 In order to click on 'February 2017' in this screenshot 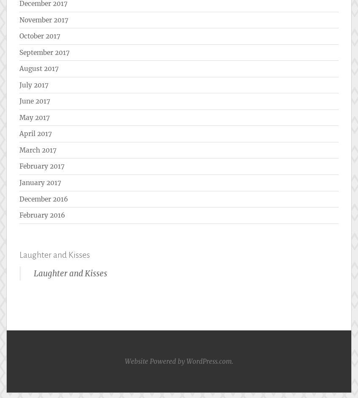, I will do `click(42, 166)`.